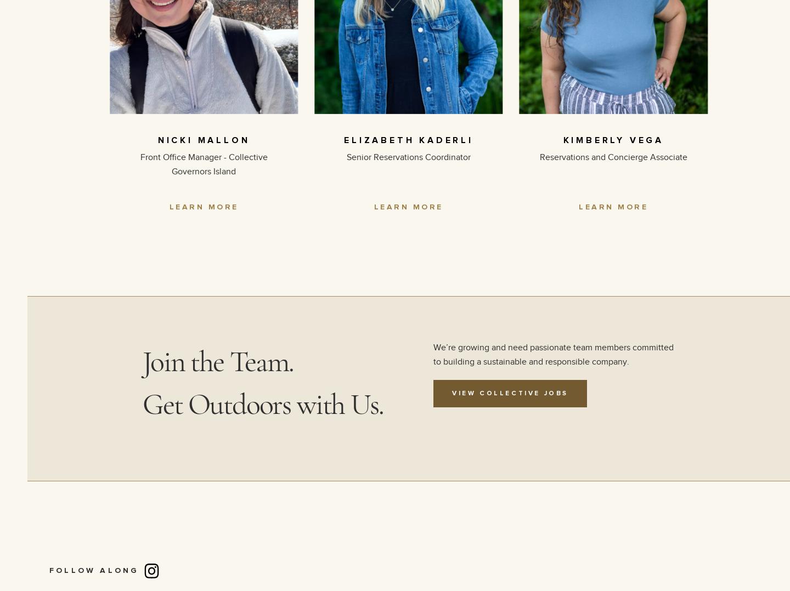 Image resolution: width=790 pixels, height=591 pixels. Describe the element at coordinates (612, 156) in the screenshot. I see `'Reservations and Concierge Associate'` at that location.